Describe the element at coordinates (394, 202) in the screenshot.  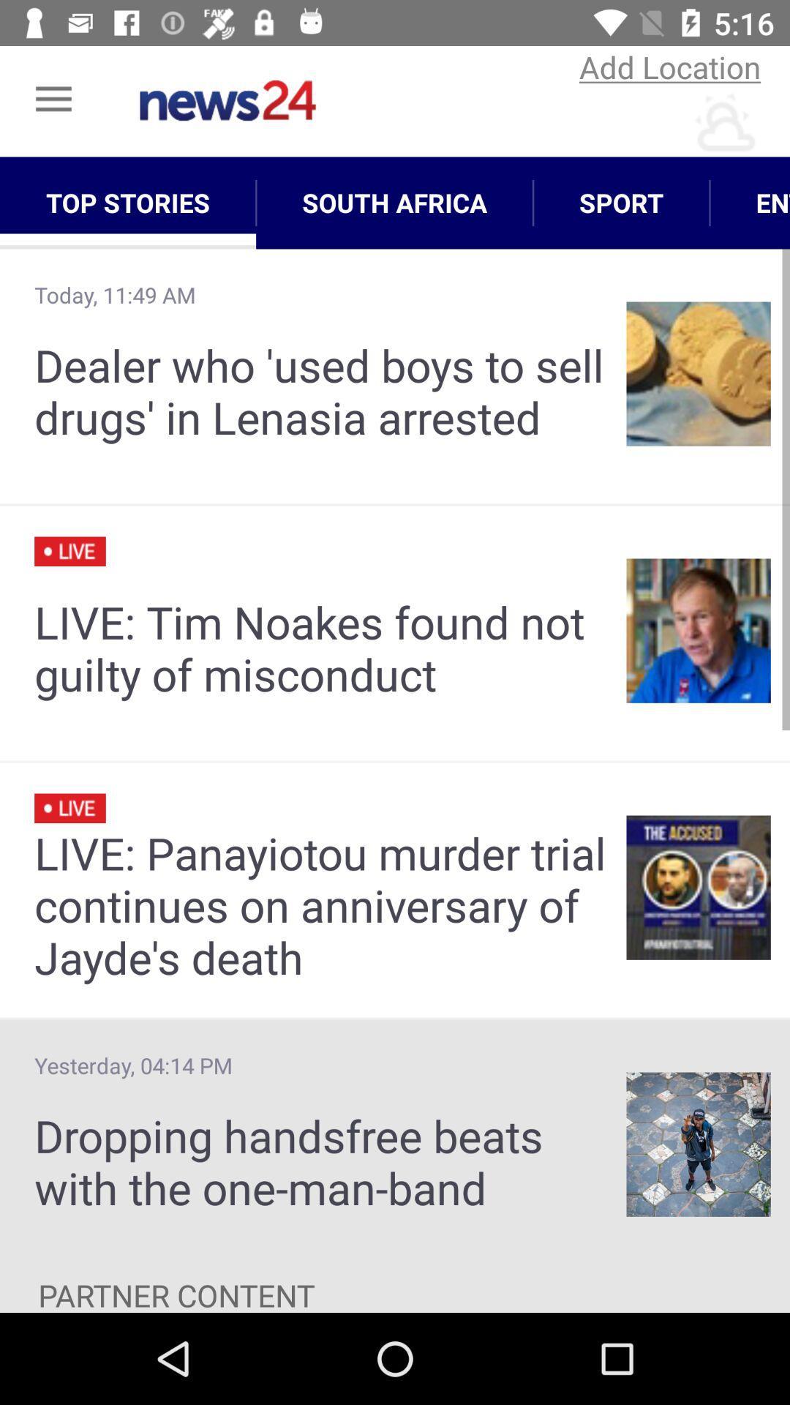
I see `app next to top stories` at that location.